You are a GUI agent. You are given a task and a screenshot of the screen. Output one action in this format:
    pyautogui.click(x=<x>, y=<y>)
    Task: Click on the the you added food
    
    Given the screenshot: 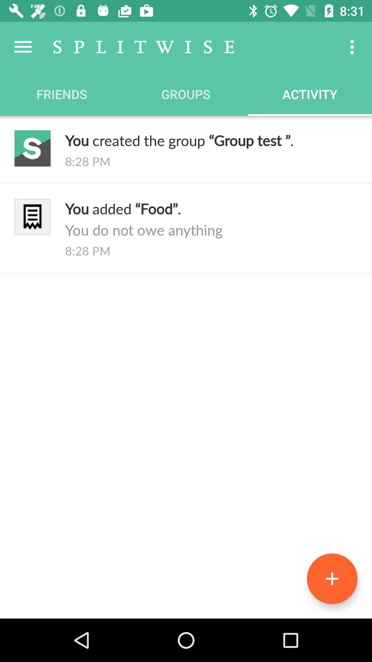 What is the action you would take?
    pyautogui.click(x=211, y=219)
    